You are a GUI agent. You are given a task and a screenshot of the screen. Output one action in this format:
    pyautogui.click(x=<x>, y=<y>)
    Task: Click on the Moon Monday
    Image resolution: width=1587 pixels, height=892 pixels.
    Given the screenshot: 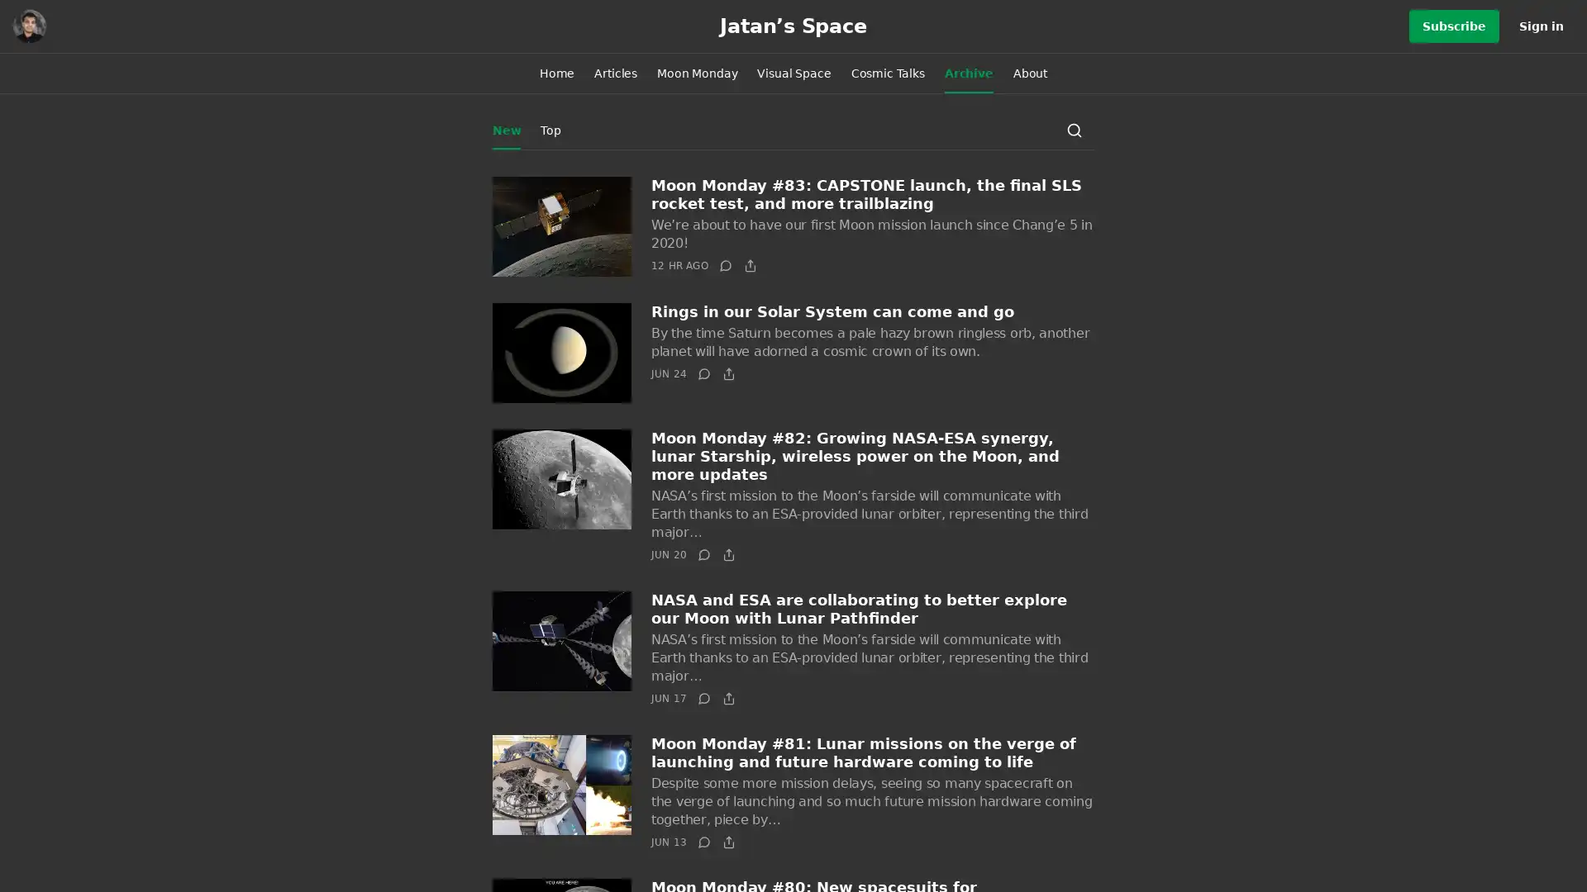 What is the action you would take?
    pyautogui.click(x=697, y=72)
    